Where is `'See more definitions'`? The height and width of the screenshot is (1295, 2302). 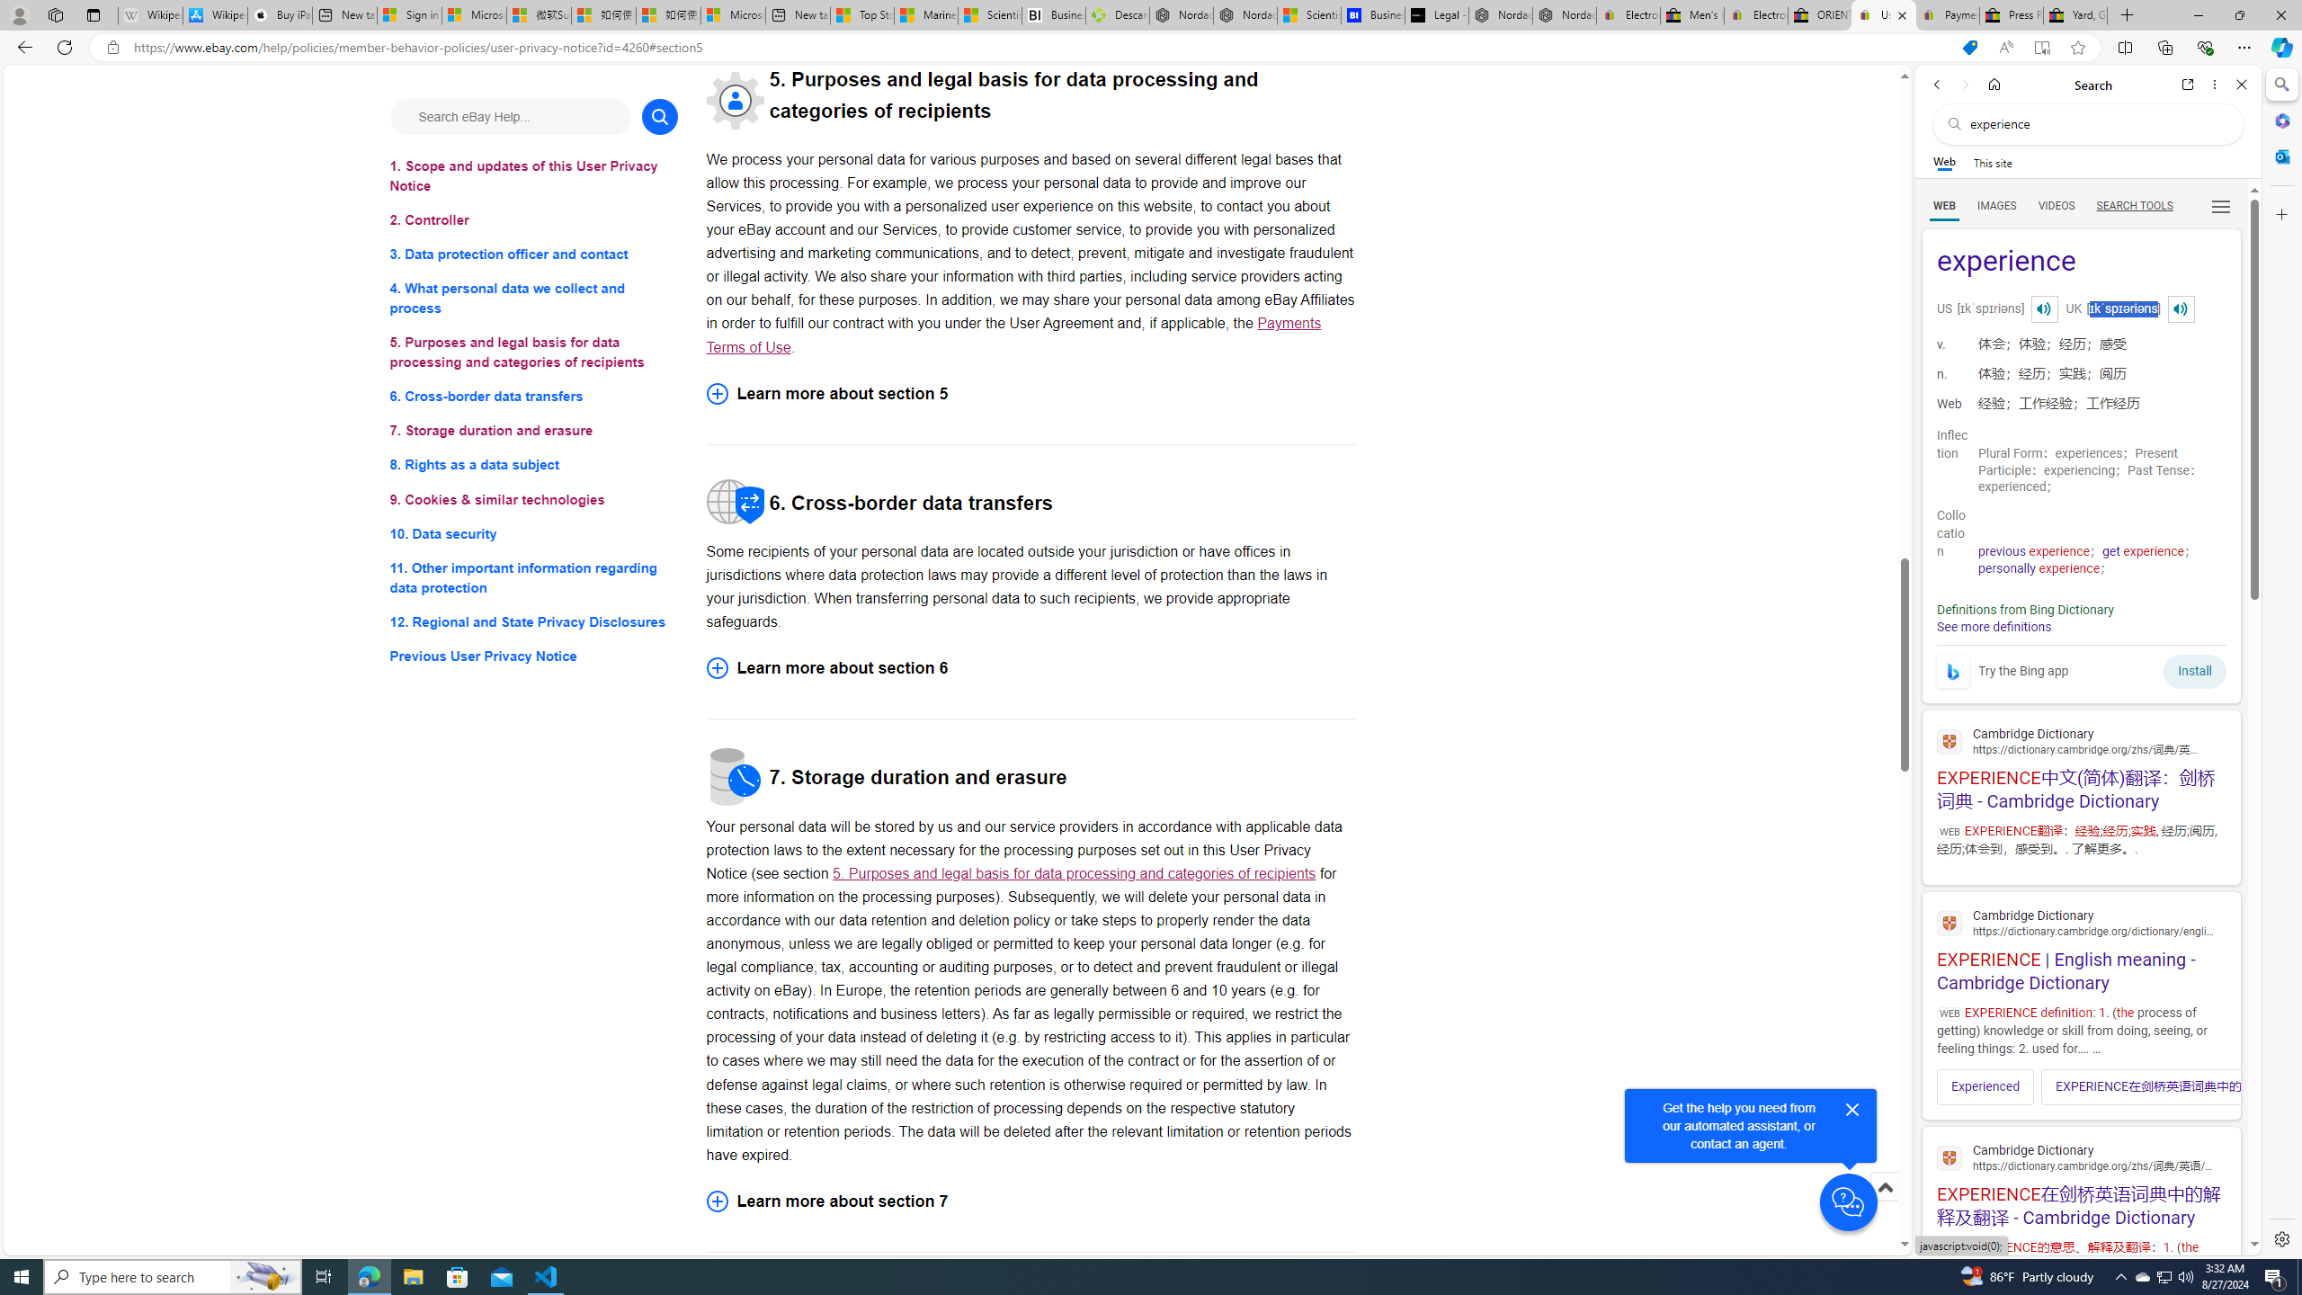
'See more definitions' is located at coordinates (1992, 626).